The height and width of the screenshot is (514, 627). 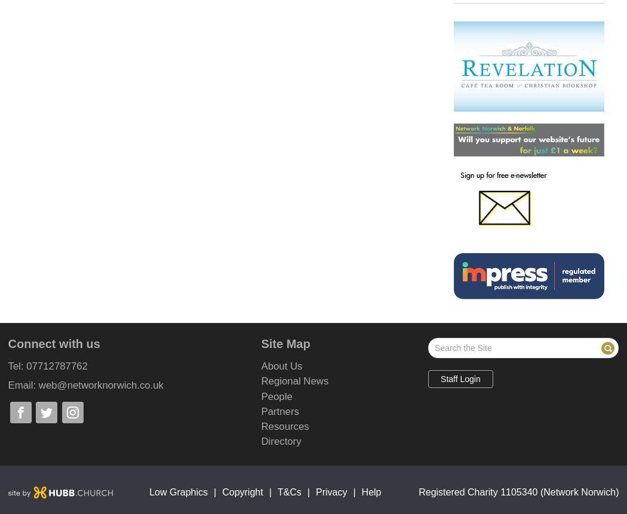 What do you see at coordinates (281, 365) in the screenshot?
I see `'About Us'` at bounding box center [281, 365].